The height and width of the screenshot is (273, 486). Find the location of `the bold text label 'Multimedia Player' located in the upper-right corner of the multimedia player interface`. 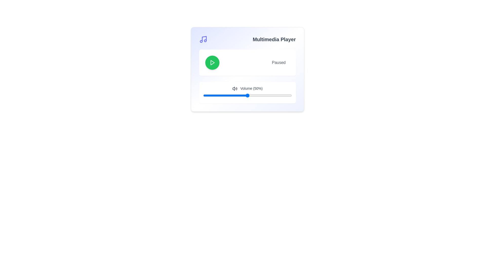

the bold text label 'Multimedia Player' located in the upper-right corner of the multimedia player interface is located at coordinates (274, 39).